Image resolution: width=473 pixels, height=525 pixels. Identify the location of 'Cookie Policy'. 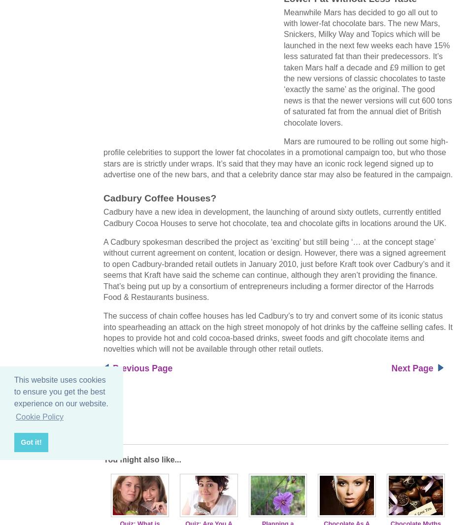
(39, 417).